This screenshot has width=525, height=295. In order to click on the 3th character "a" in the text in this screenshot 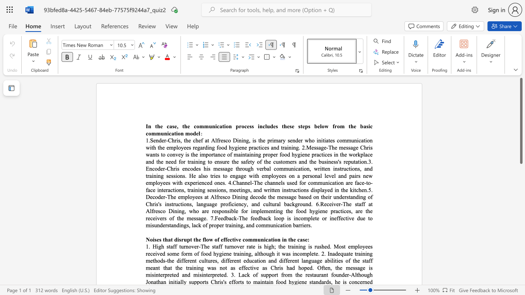, I will do `click(364, 126)`.